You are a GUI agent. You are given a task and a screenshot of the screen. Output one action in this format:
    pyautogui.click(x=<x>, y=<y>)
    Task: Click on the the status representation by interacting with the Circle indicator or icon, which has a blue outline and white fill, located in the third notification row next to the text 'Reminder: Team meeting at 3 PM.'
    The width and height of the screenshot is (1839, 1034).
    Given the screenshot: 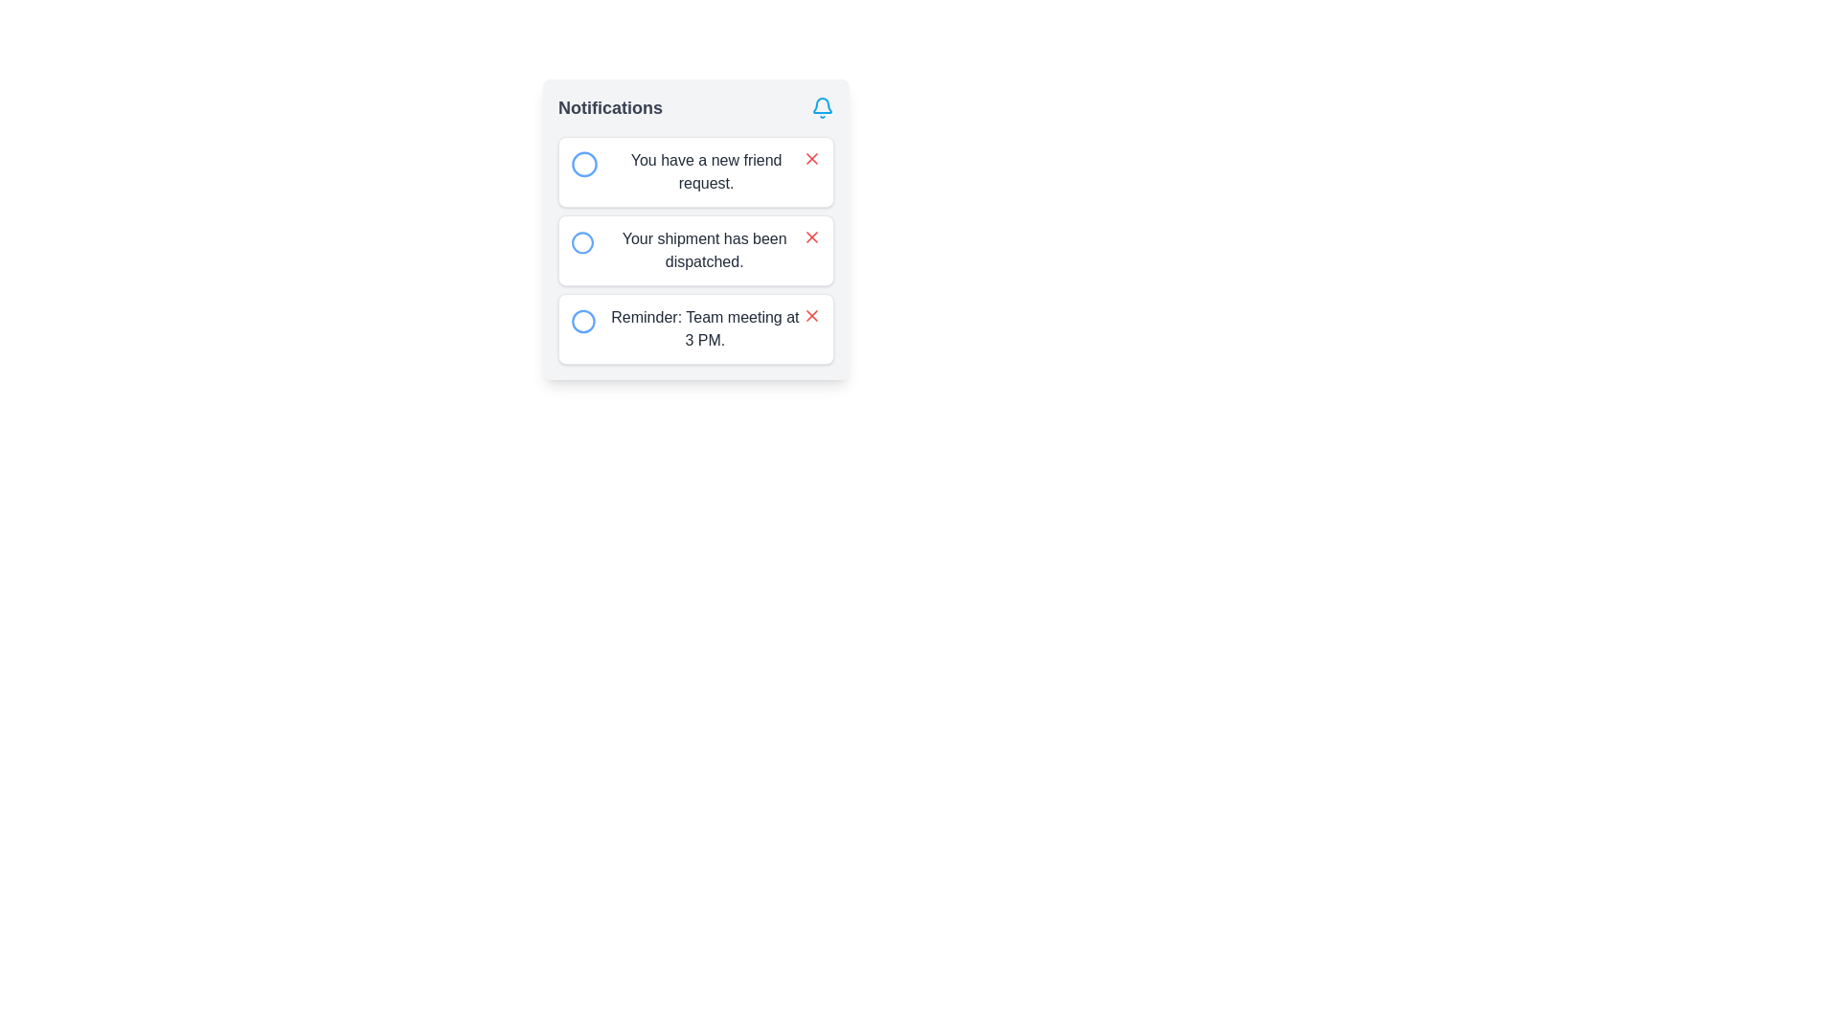 What is the action you would take?
    pyautogui.click(x=582, y=320)
    